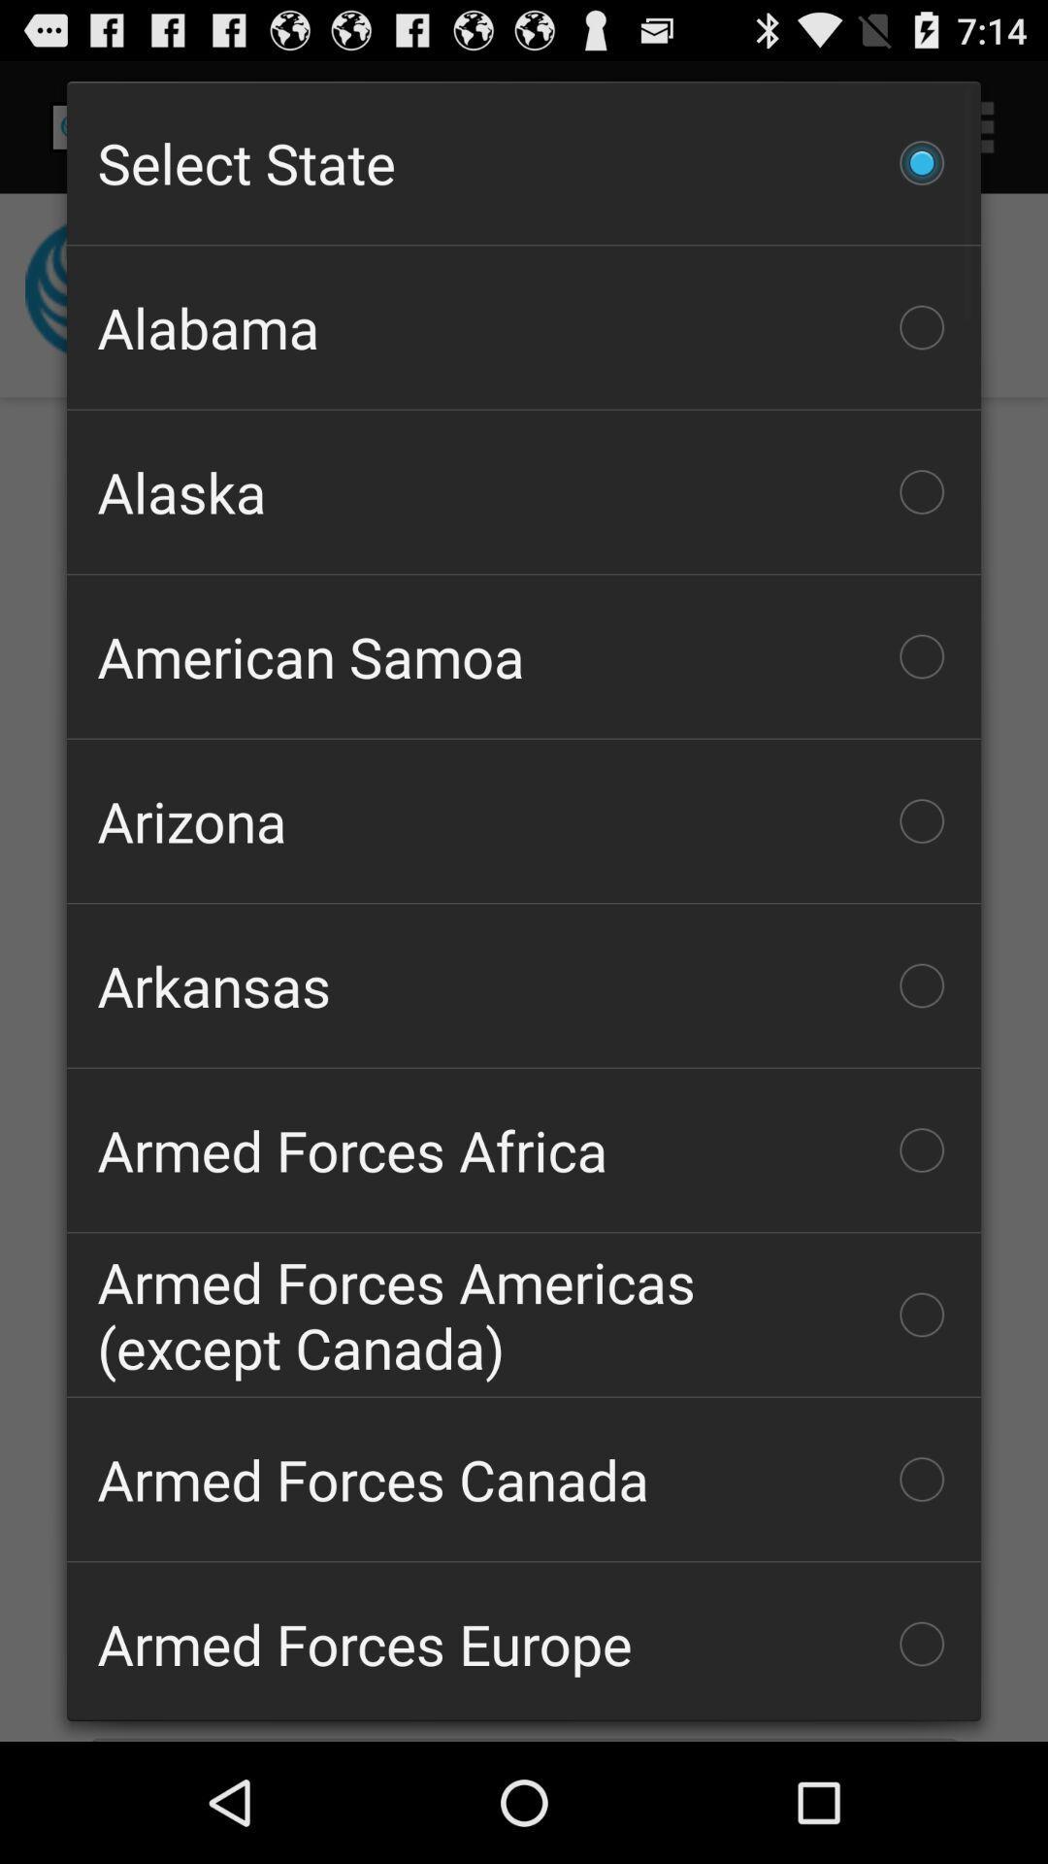 The image size is (1048, 1864). I want to click on item below select state icon, so click(524, 327).